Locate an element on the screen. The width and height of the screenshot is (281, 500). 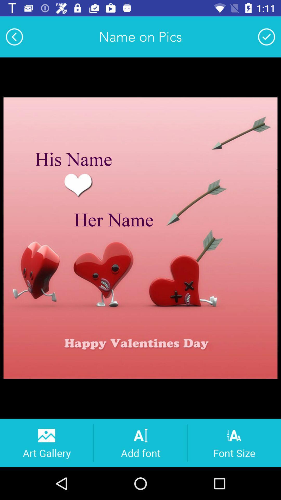
the font icon is located at coordinates (140, 442).